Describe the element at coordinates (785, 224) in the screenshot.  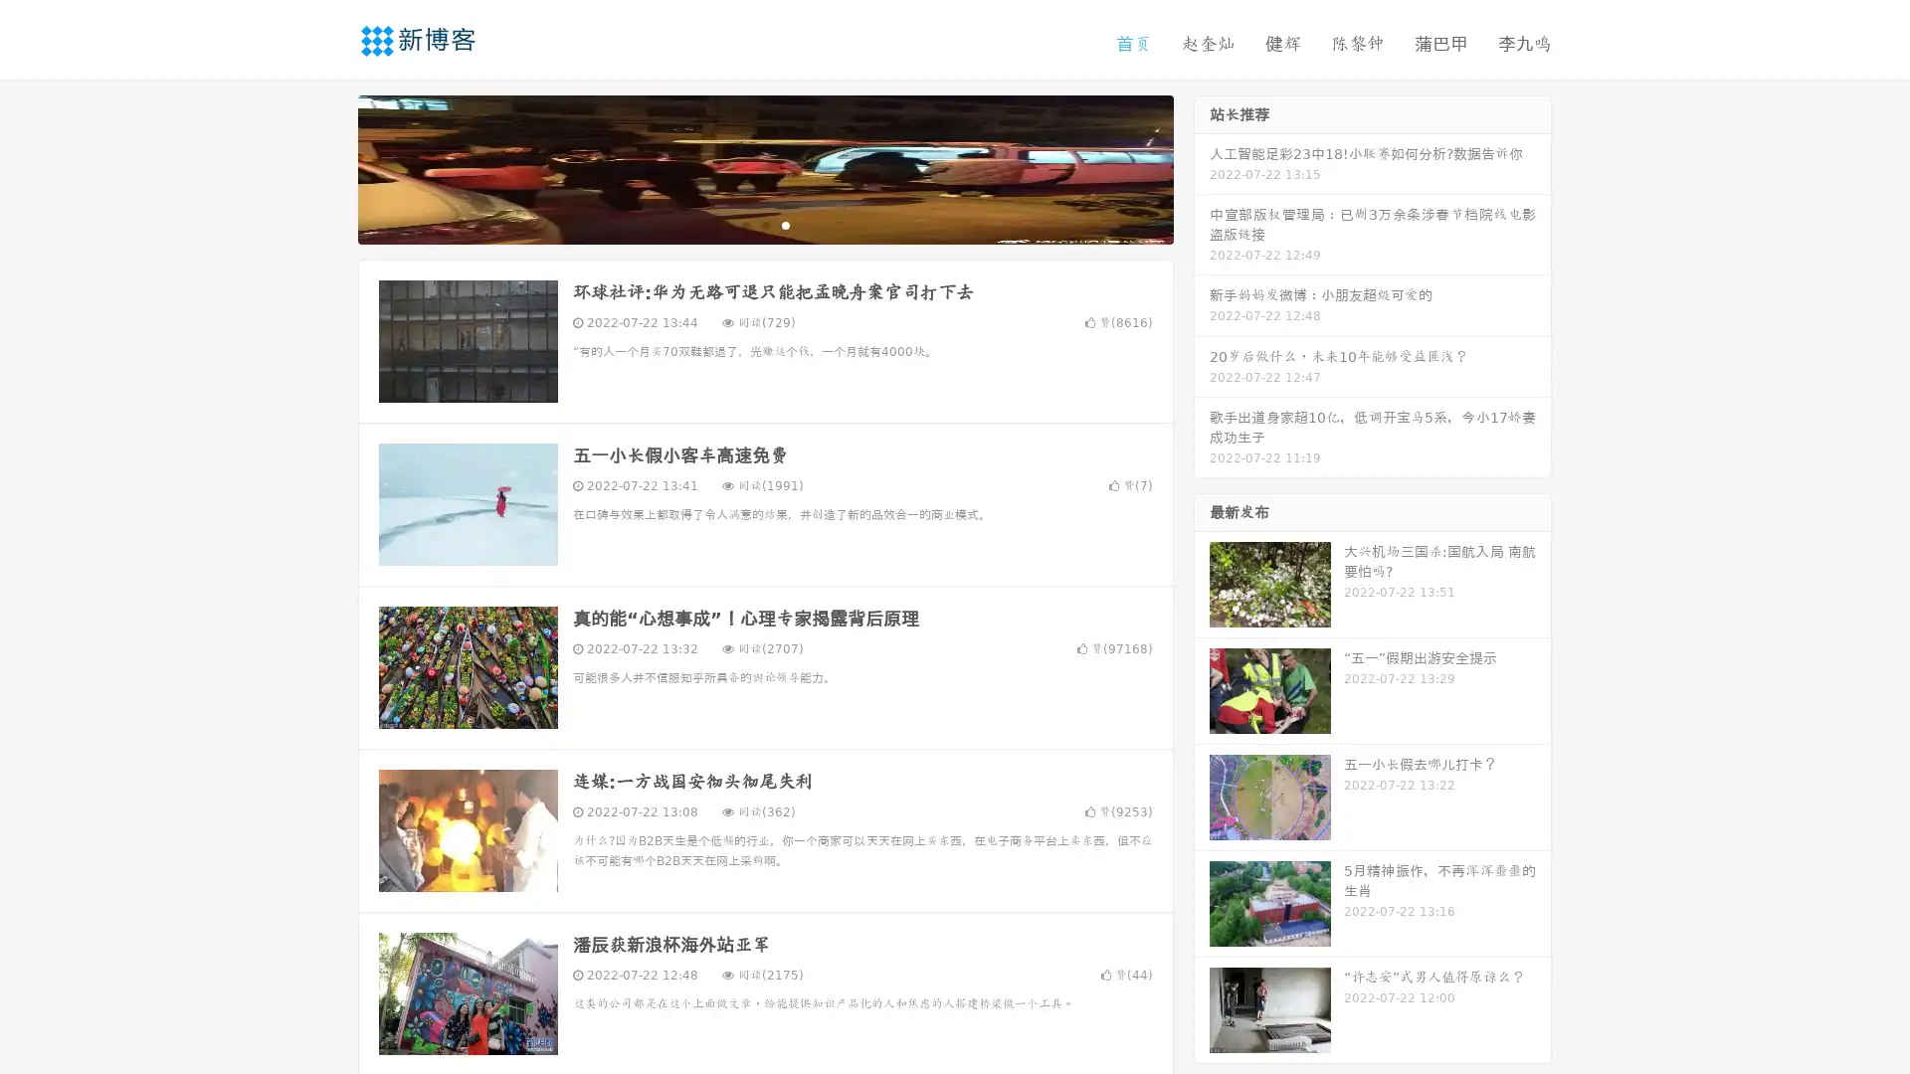
I see `Go to slide 3` at that location.